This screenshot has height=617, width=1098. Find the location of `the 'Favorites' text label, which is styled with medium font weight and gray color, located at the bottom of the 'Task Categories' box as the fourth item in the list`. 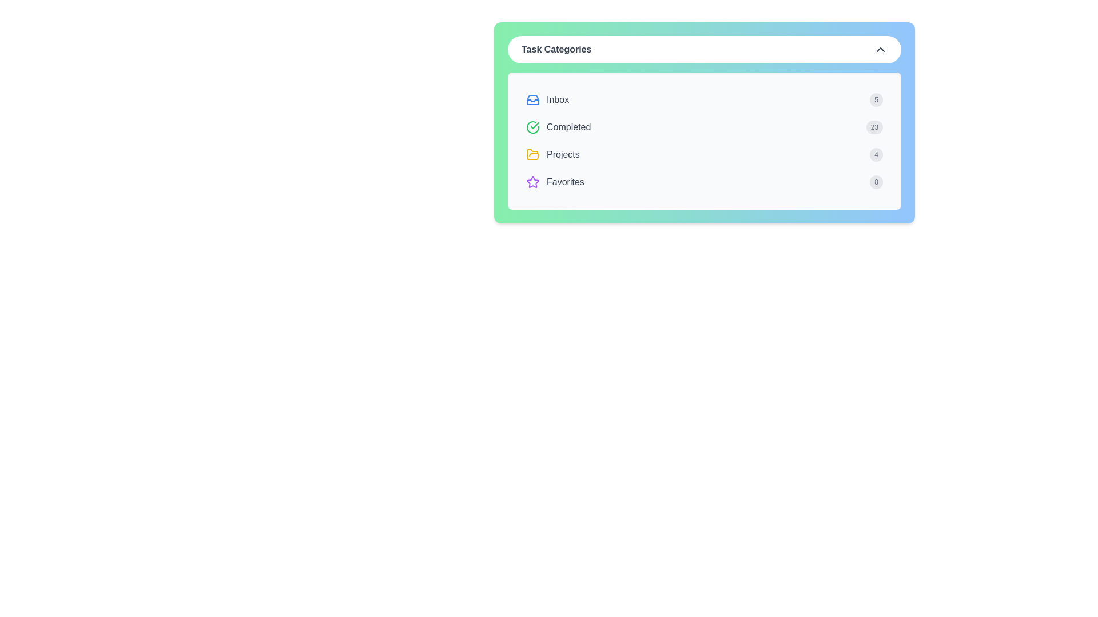

the 'Favorites' text label, which is styled with medium font weight and gray color, located at the bottom of the 'Task Categories' box as the fourth item in the list is located at coordinates (565, 182).